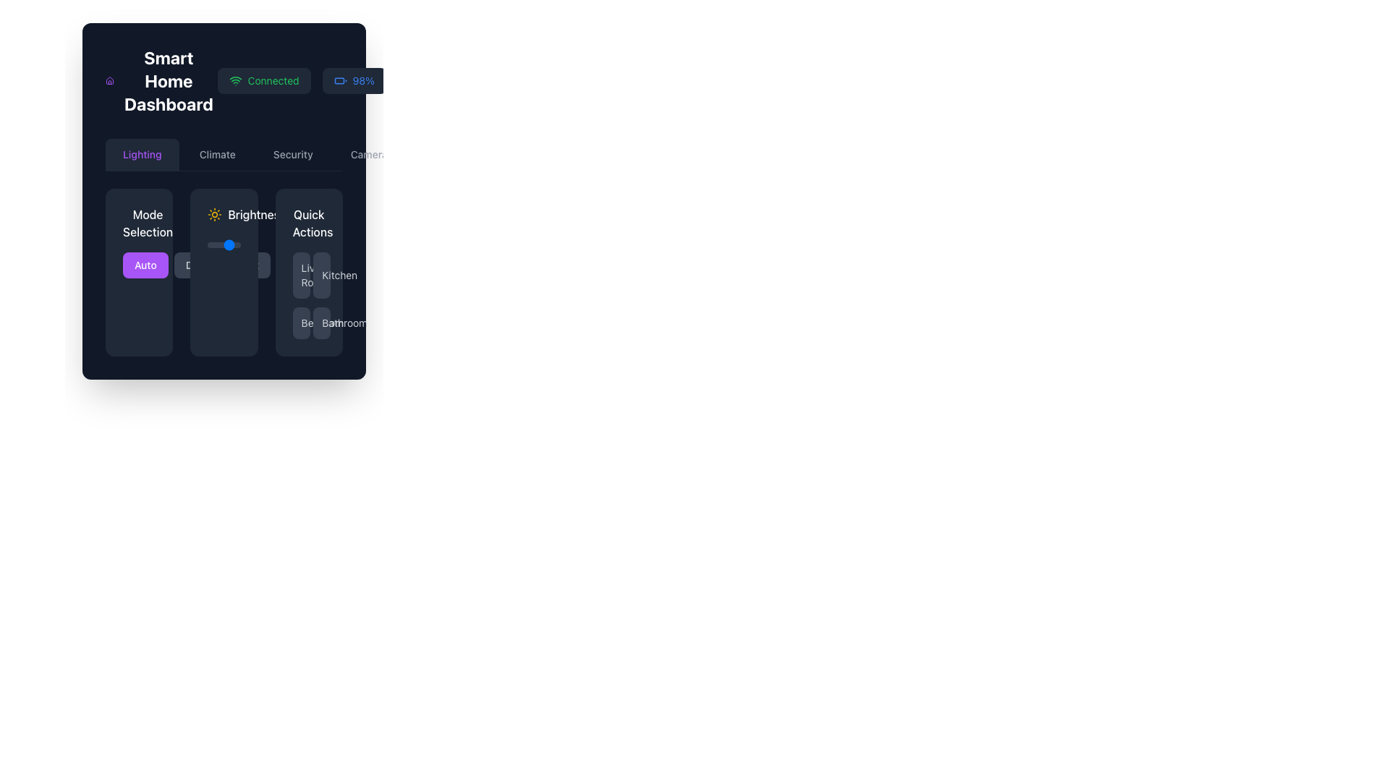 The width and height of the screenshot is (1389, 781). I want to click on the 'Lighting' button, which is the first button in a horizontal navigation bar below the 'Smart Home Dashboard' heading, so click(142, 154).